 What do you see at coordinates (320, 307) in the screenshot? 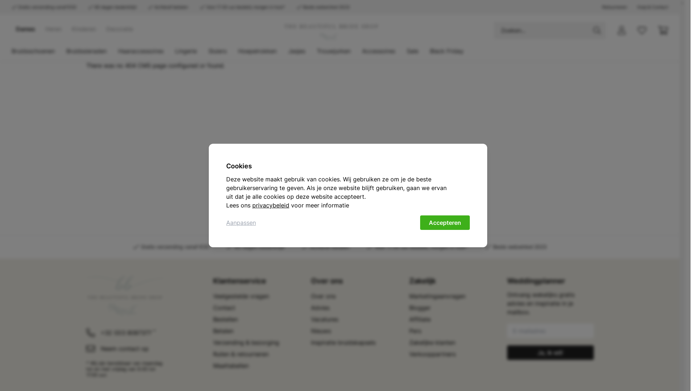
I see `'Advies'` at bounding box center [320, 307].